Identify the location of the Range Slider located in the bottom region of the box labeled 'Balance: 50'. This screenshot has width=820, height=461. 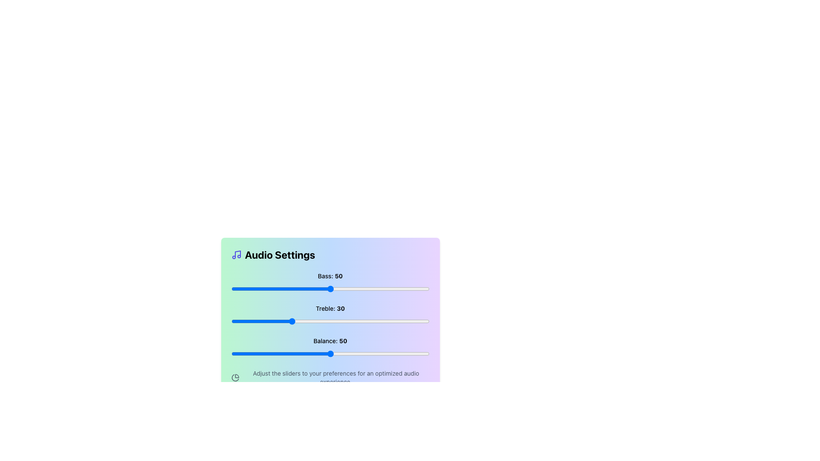
(330, 354).